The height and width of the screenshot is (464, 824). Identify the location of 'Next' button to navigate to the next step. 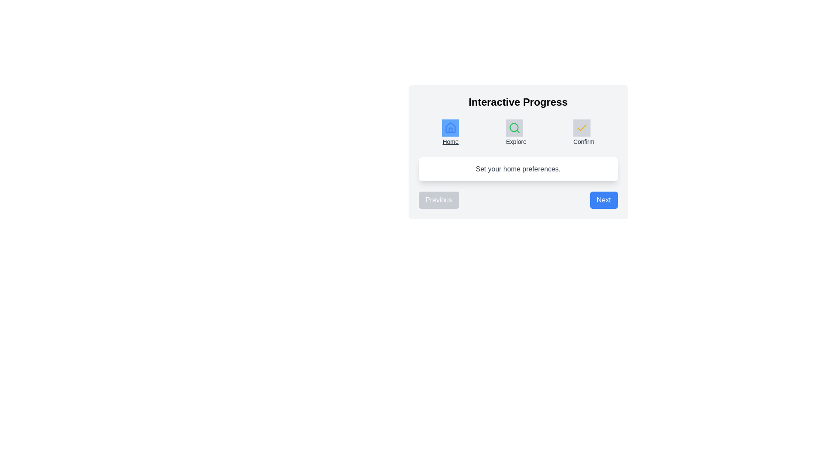
(603, 200).